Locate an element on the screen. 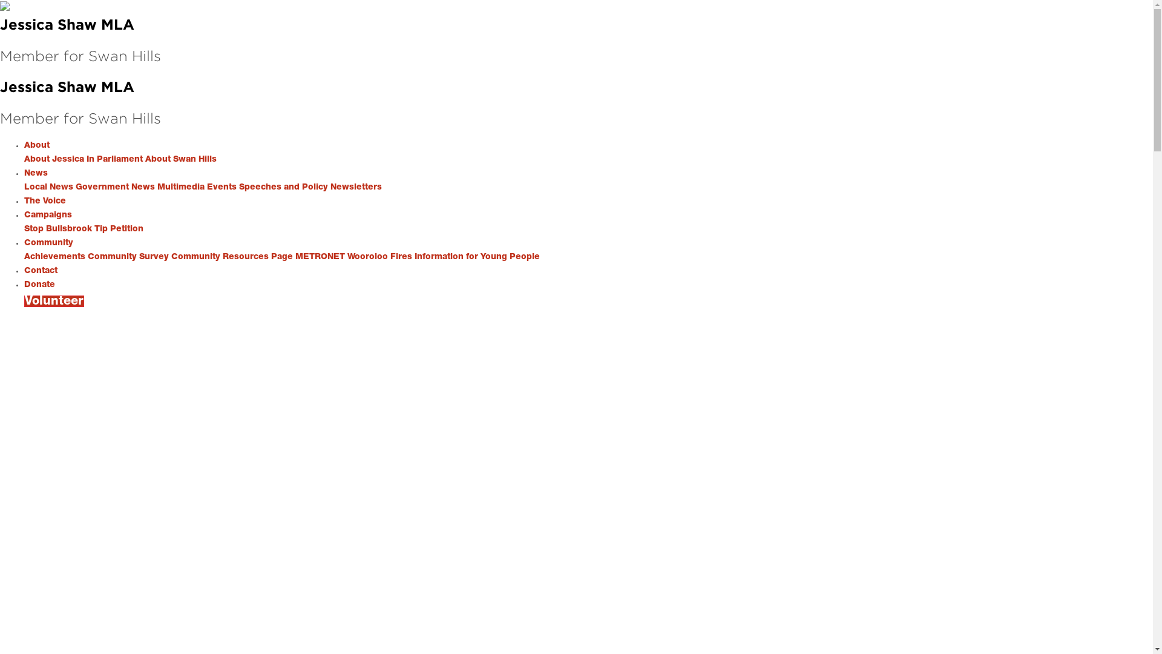 This screenshot has width=1162, height=654. 'About' is located at coordinates (37, 144).